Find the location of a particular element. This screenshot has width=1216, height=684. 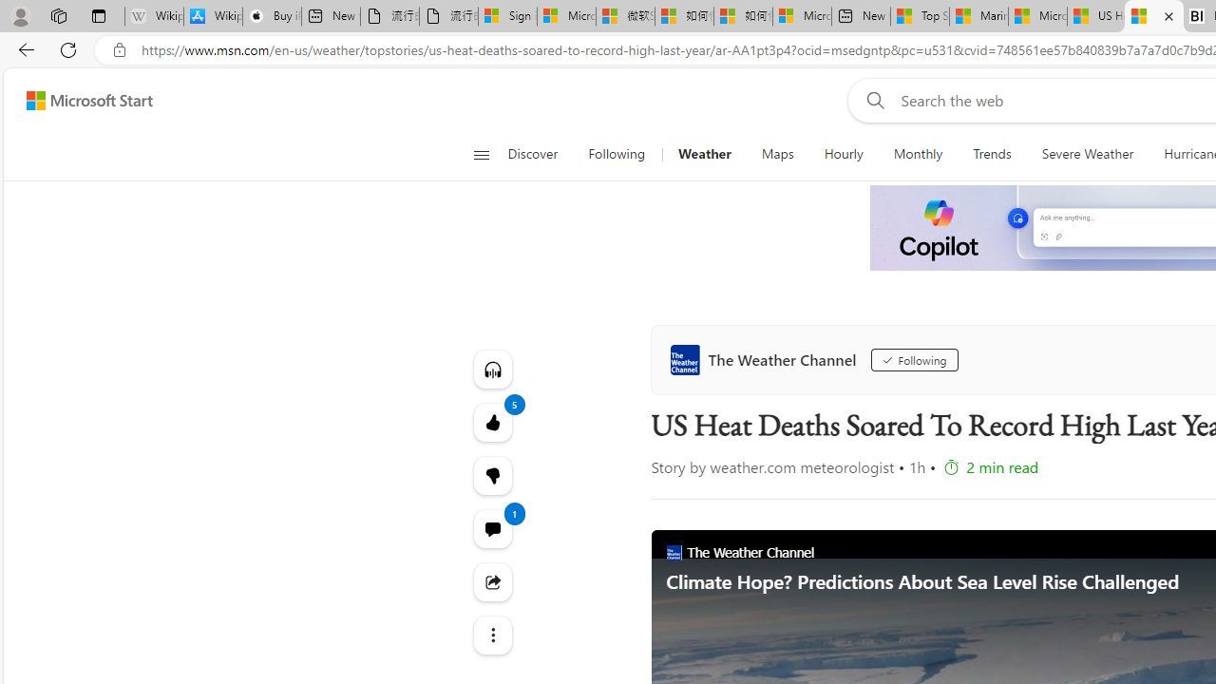

'Close tab' is located at coordinates (1168, 16).